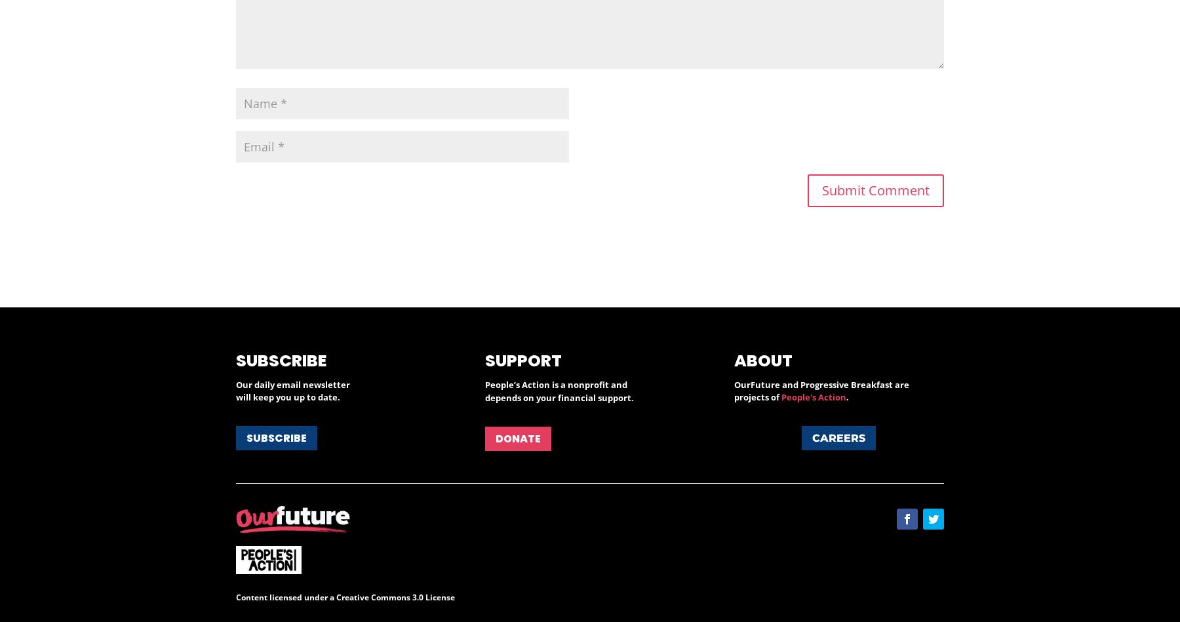  I want to click on 'depends on your financial support.', so click(559, 398).